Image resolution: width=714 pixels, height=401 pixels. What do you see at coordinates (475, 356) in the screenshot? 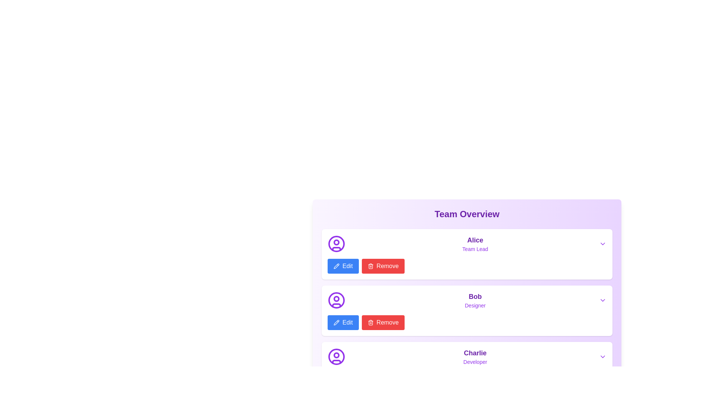
I see `text displayed in the text element that shows 'Charlie' as the header and 'Developer' as the subtext, located in the Team Overview section` at bounding box center [475, 356].